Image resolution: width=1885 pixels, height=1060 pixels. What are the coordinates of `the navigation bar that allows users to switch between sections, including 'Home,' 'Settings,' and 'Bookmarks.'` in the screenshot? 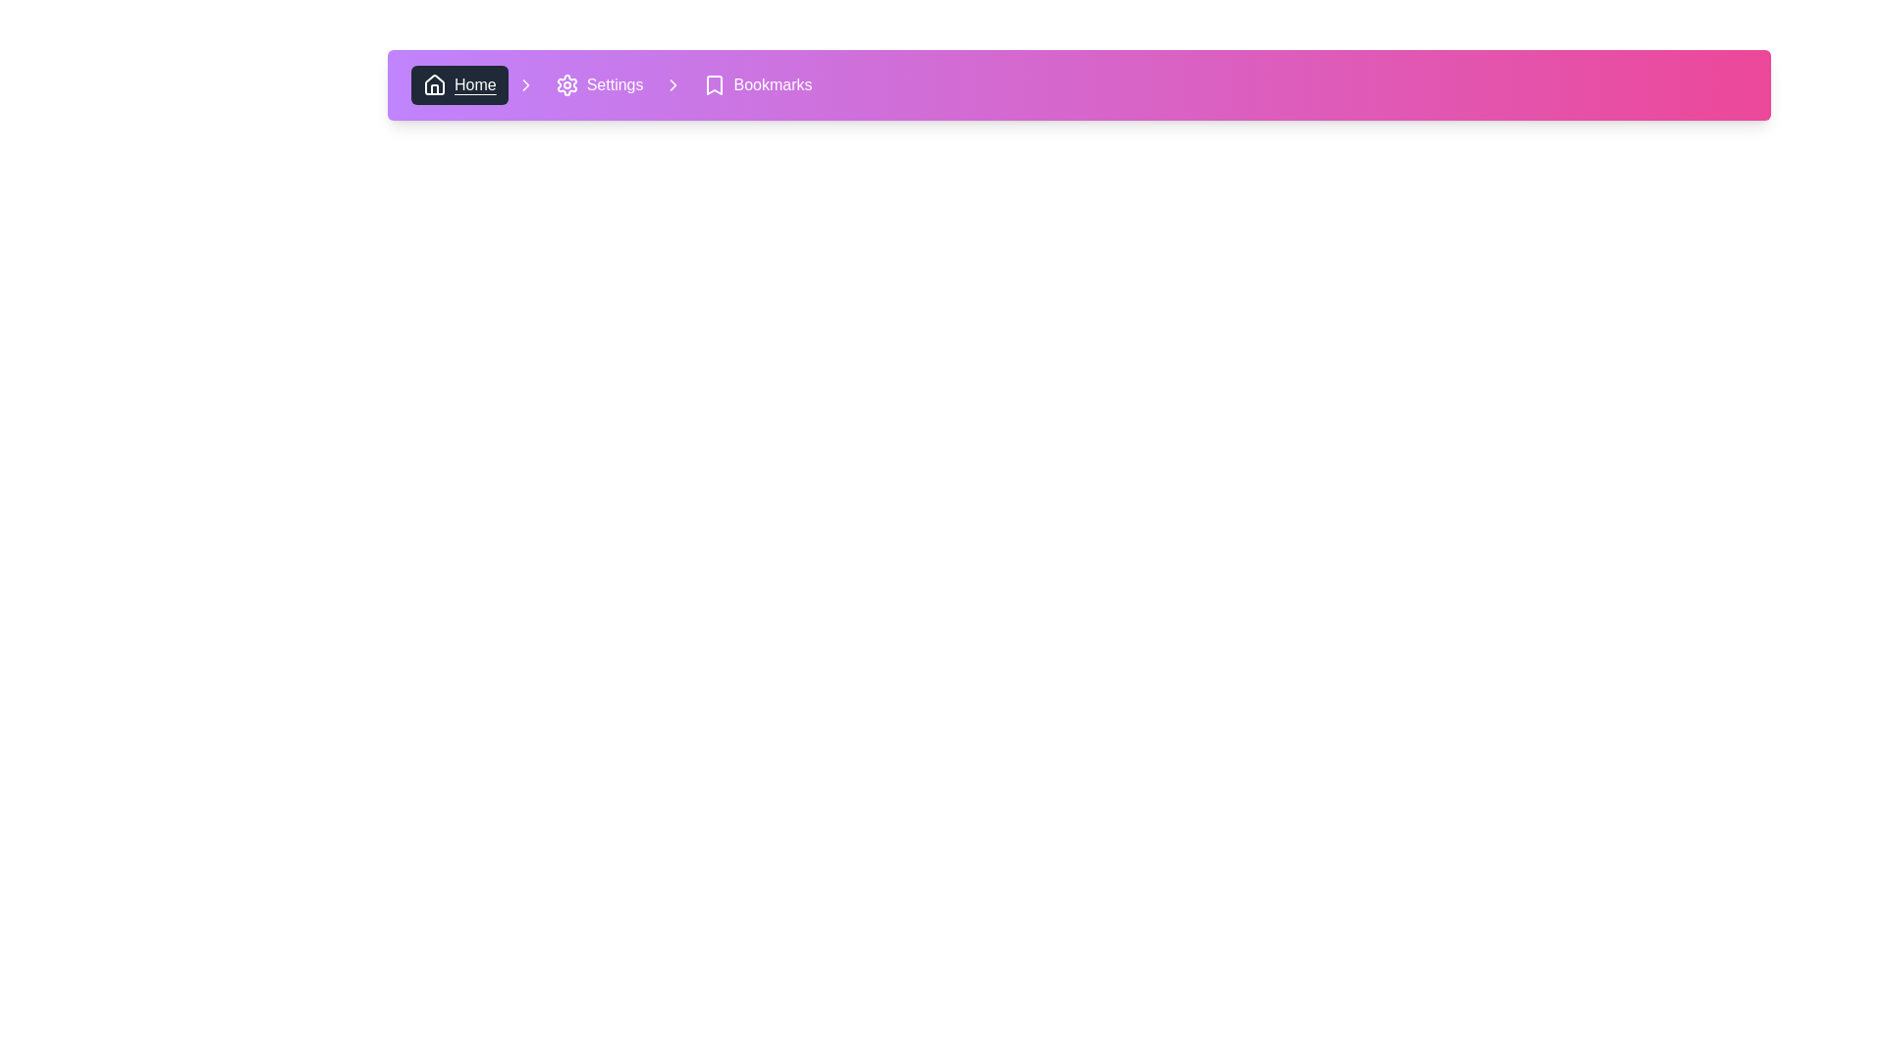 It's located at (617, 84).